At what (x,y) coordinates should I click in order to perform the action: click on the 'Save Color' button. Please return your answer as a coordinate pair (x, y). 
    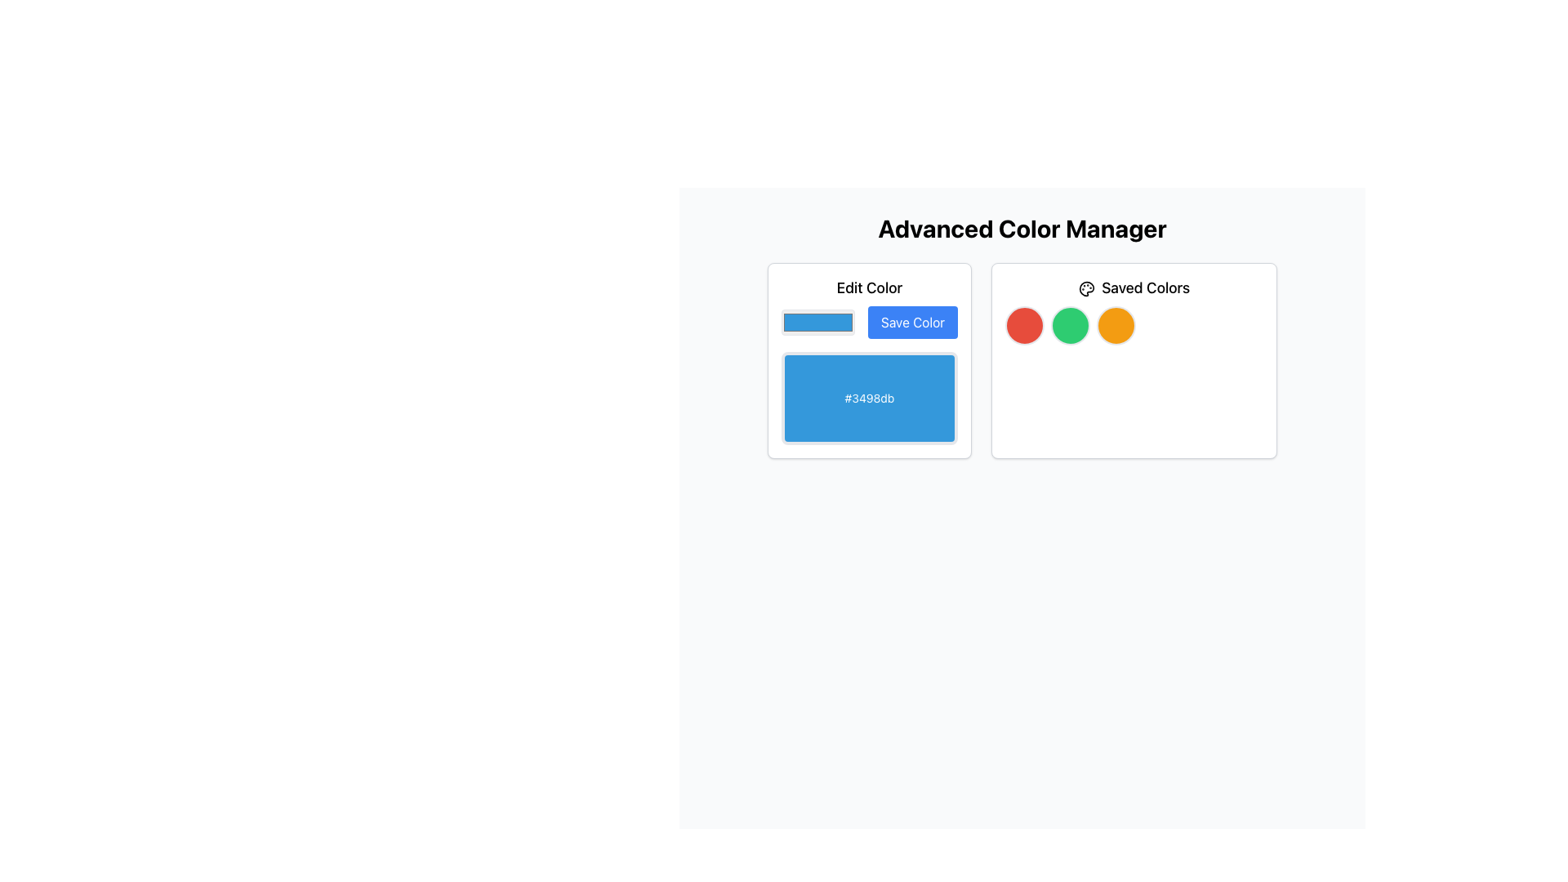
    Looking at the image, I should click on (912, 322).